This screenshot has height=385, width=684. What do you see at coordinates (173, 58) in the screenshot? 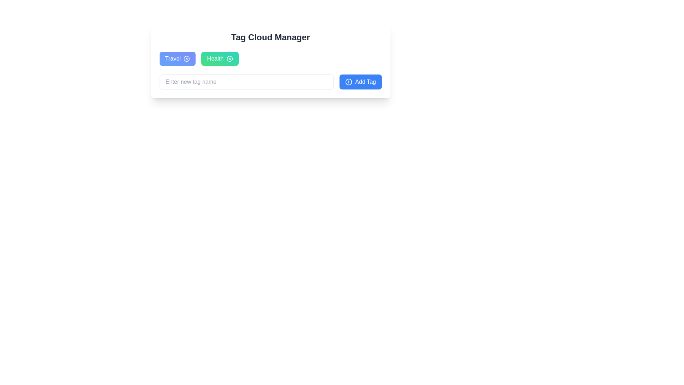
I see `the 'Travel' tag, which is a stylized button with white text on a gradient blue to indigo background` at bounding box center [173, 58].